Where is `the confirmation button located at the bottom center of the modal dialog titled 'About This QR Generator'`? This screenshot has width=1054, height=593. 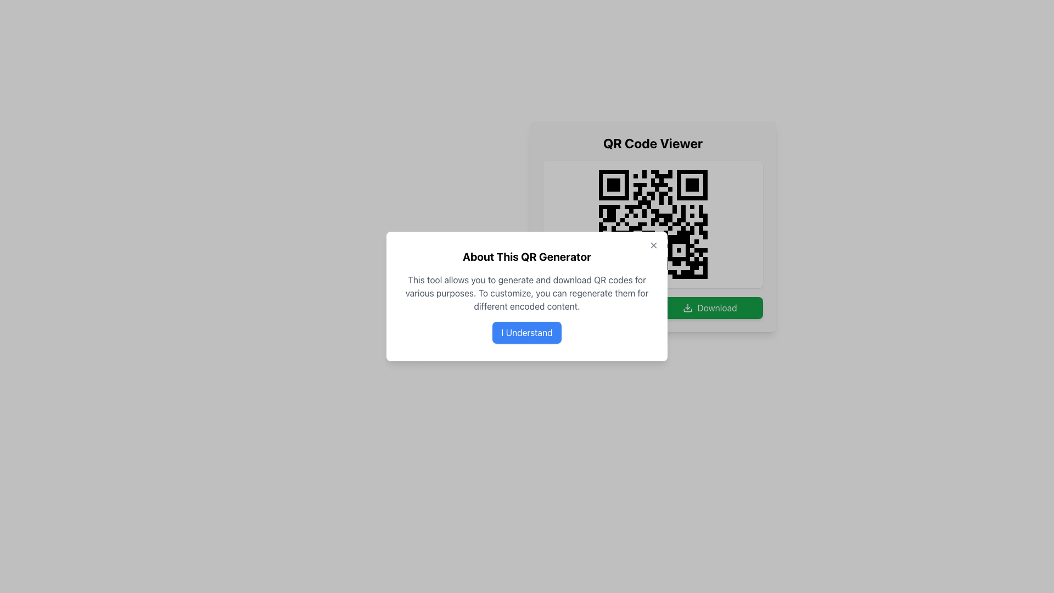 the confirmation button located at the bottom center of the modal dialog titled 'About This QR Generator' is located at coordinates (527, 332).